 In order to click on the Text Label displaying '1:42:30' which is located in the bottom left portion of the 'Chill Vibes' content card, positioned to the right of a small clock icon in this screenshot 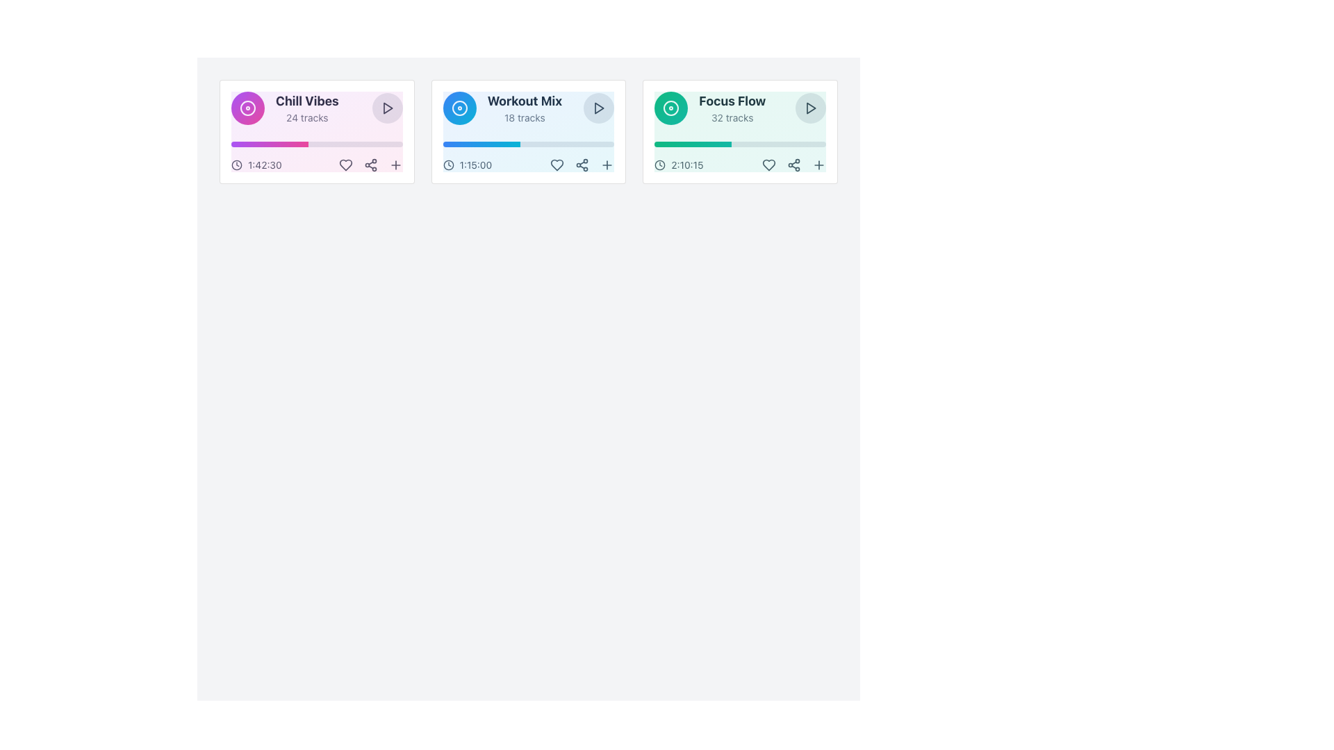, I will do `click(265, 165)`.